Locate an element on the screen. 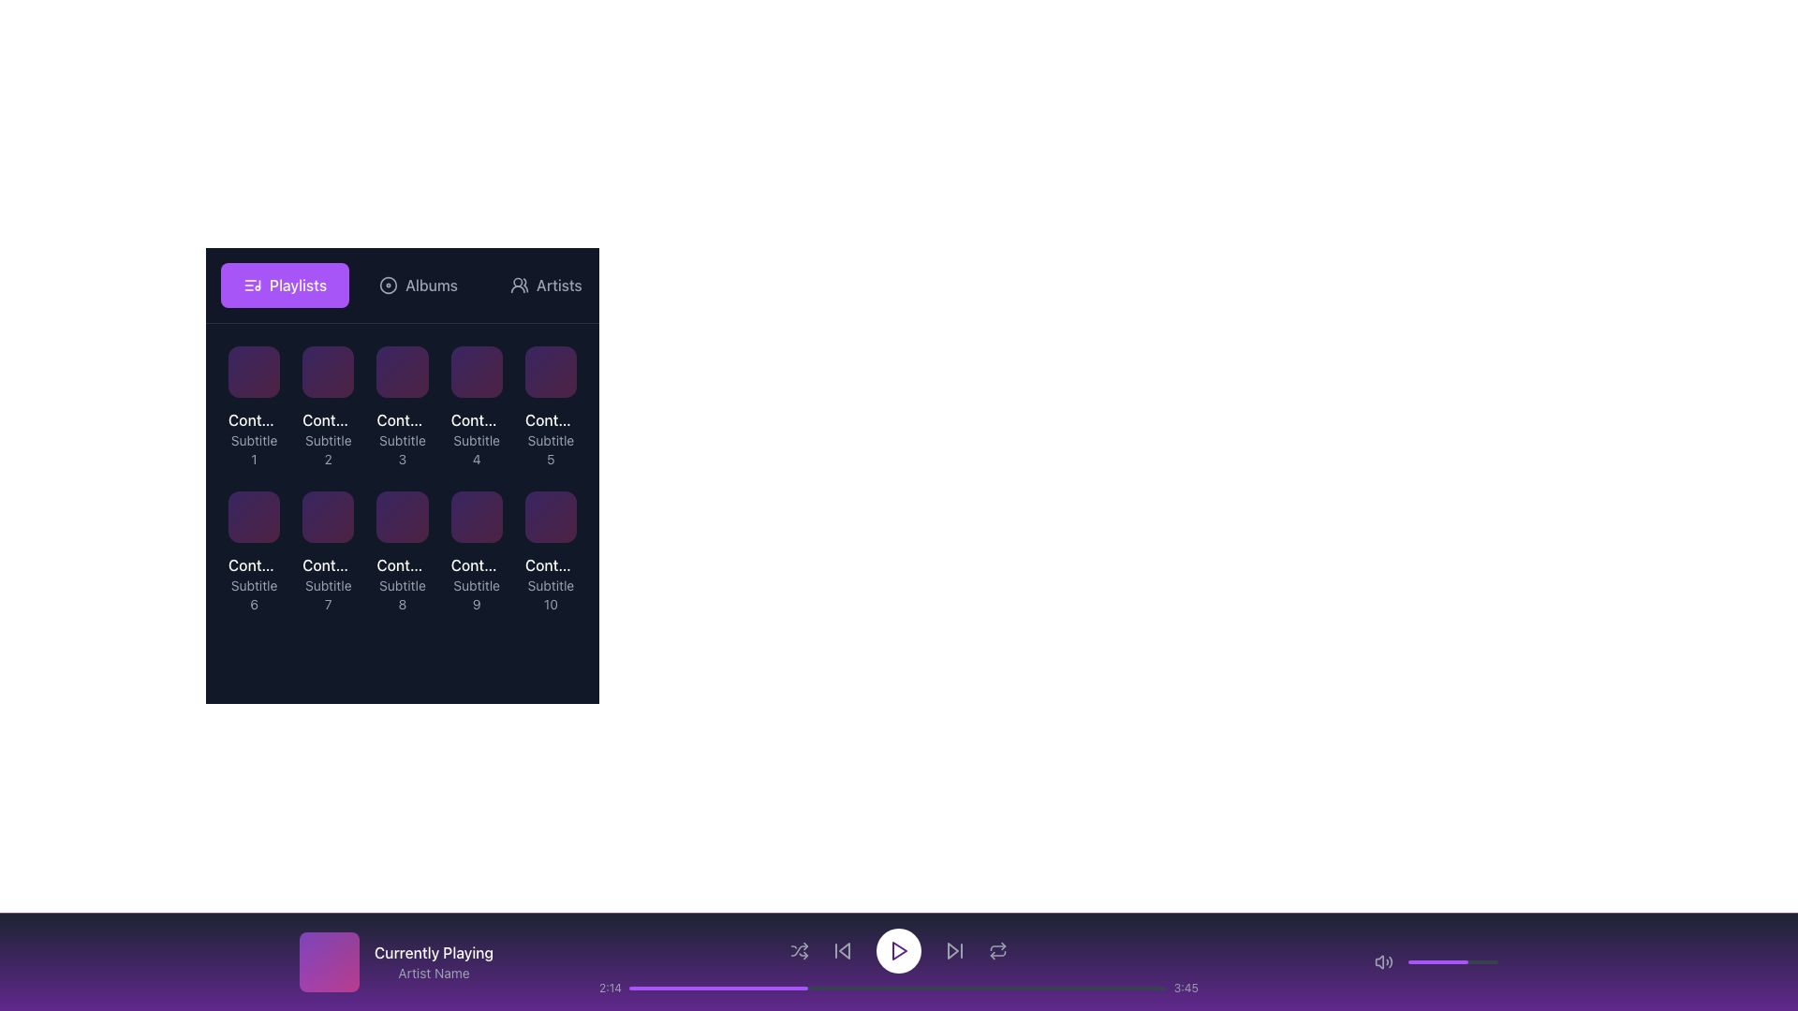 The width and height of the screenshot is (1798, 1011). the Card-like UI component containing 'Content Title 8' and 'Subtitle 8' is located at coordinates (402, 551).